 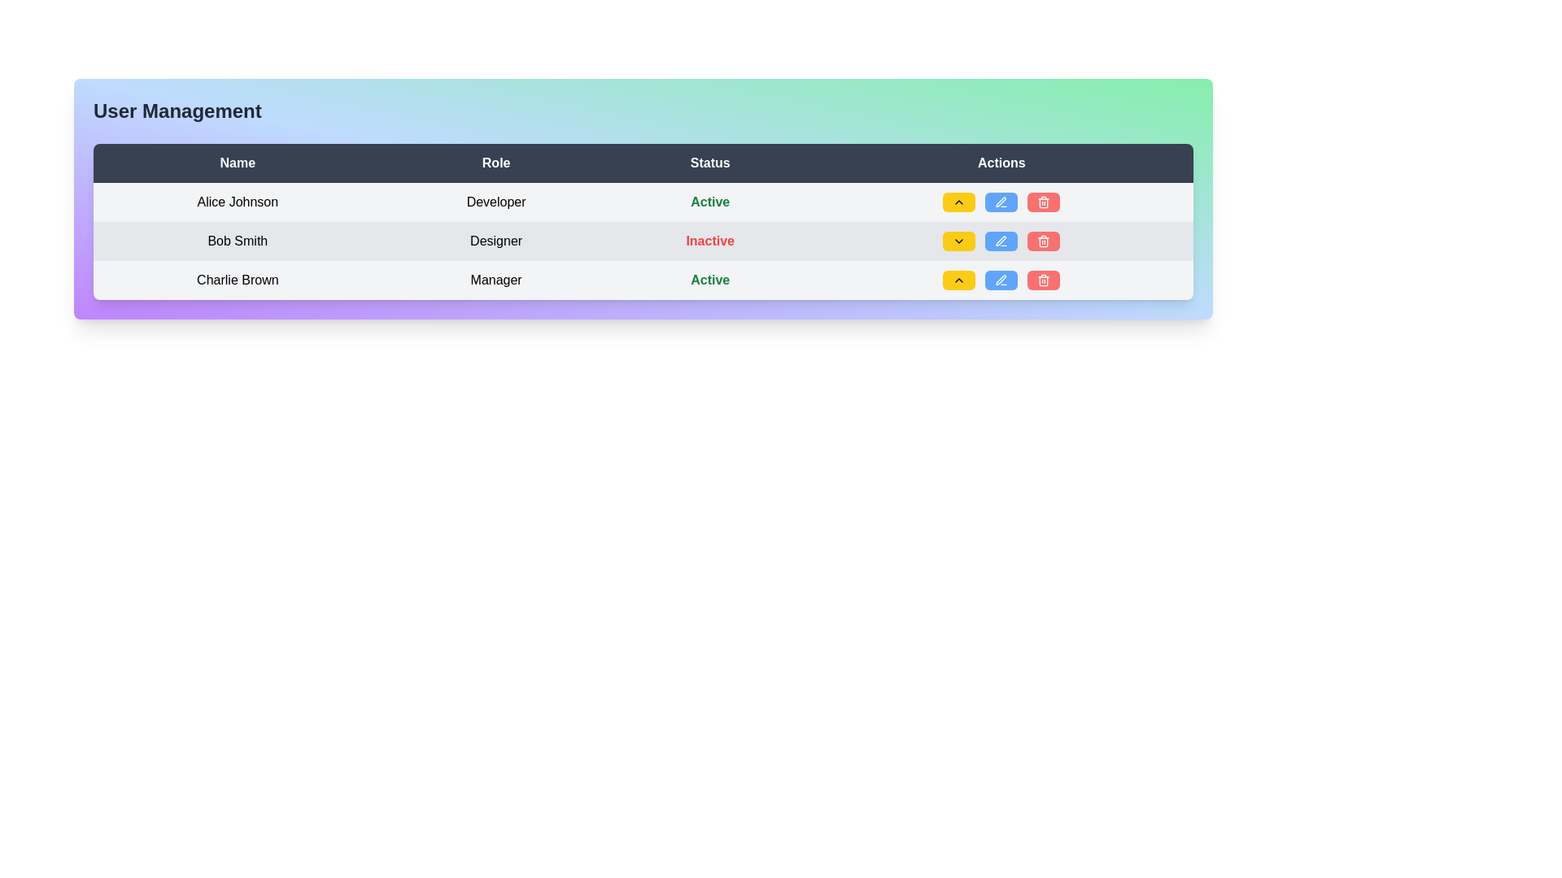 What do you see at coordinates (1001, 163) in the screenshot?
I see `the 'Actions' text block` at bounding box center [1001, 163].